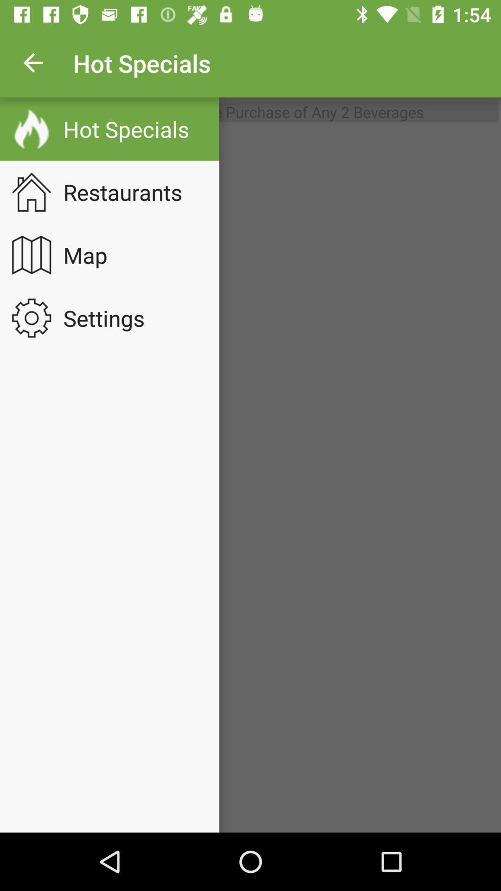 This screenshot has width=501, height=891. I want to click on item below entree bogo with icon, so click(250, 479).